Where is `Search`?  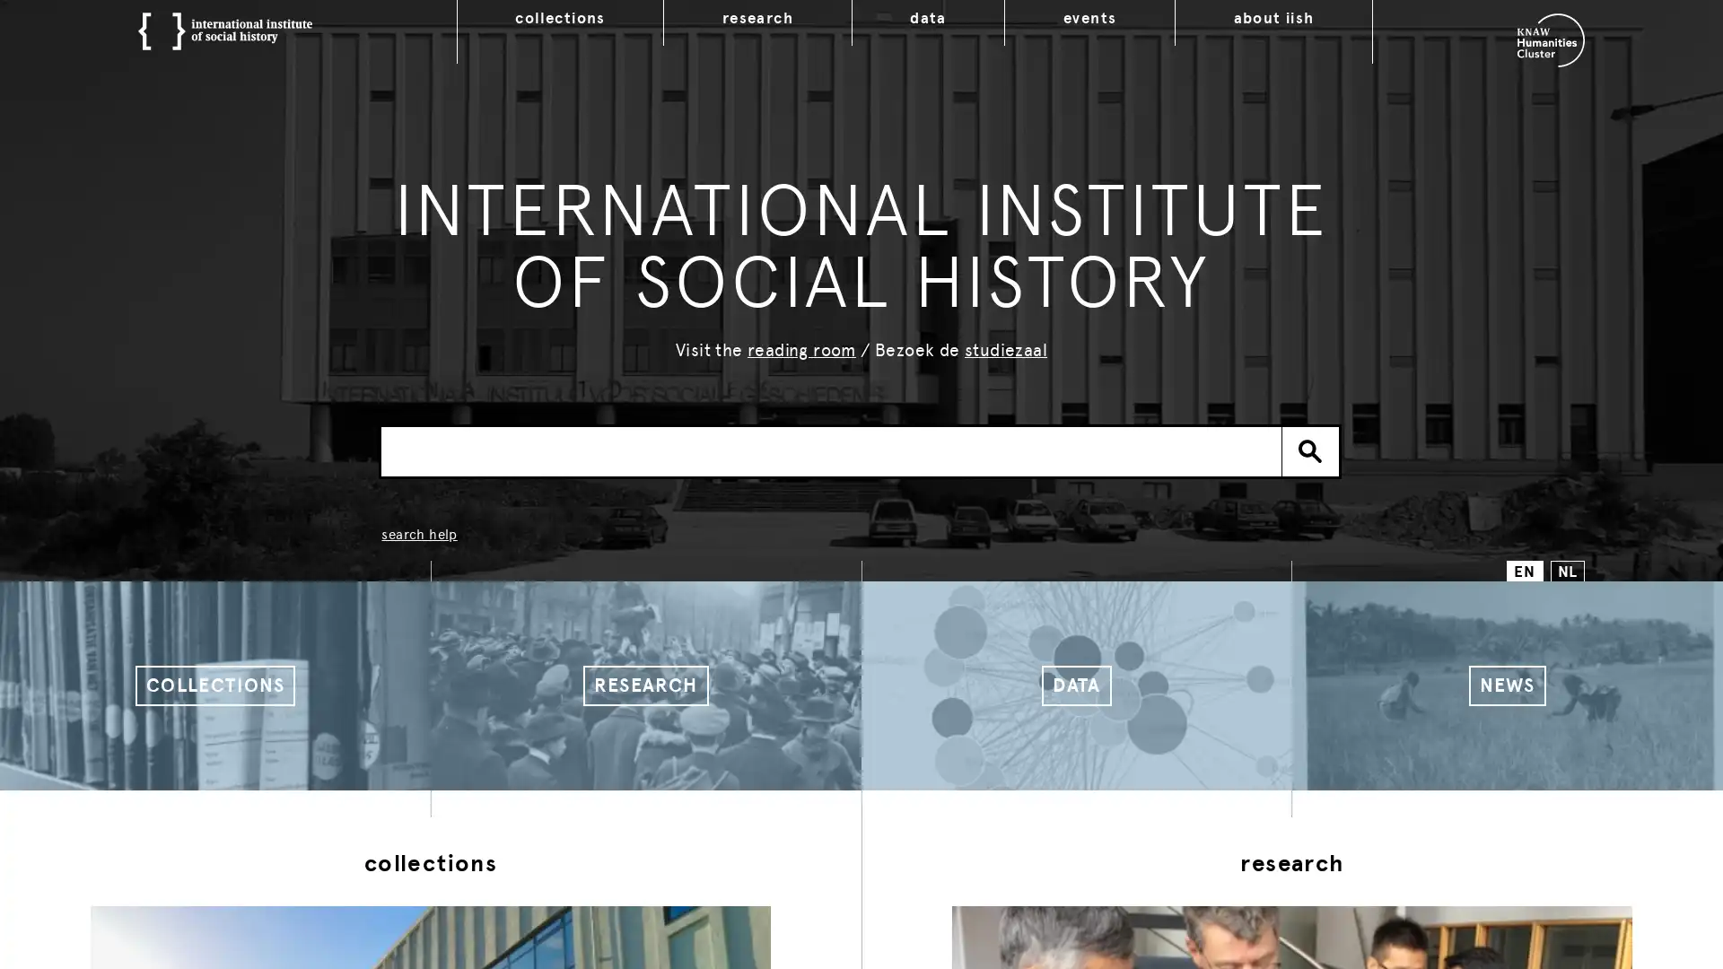 Search is located at coordinates (1310, 450).